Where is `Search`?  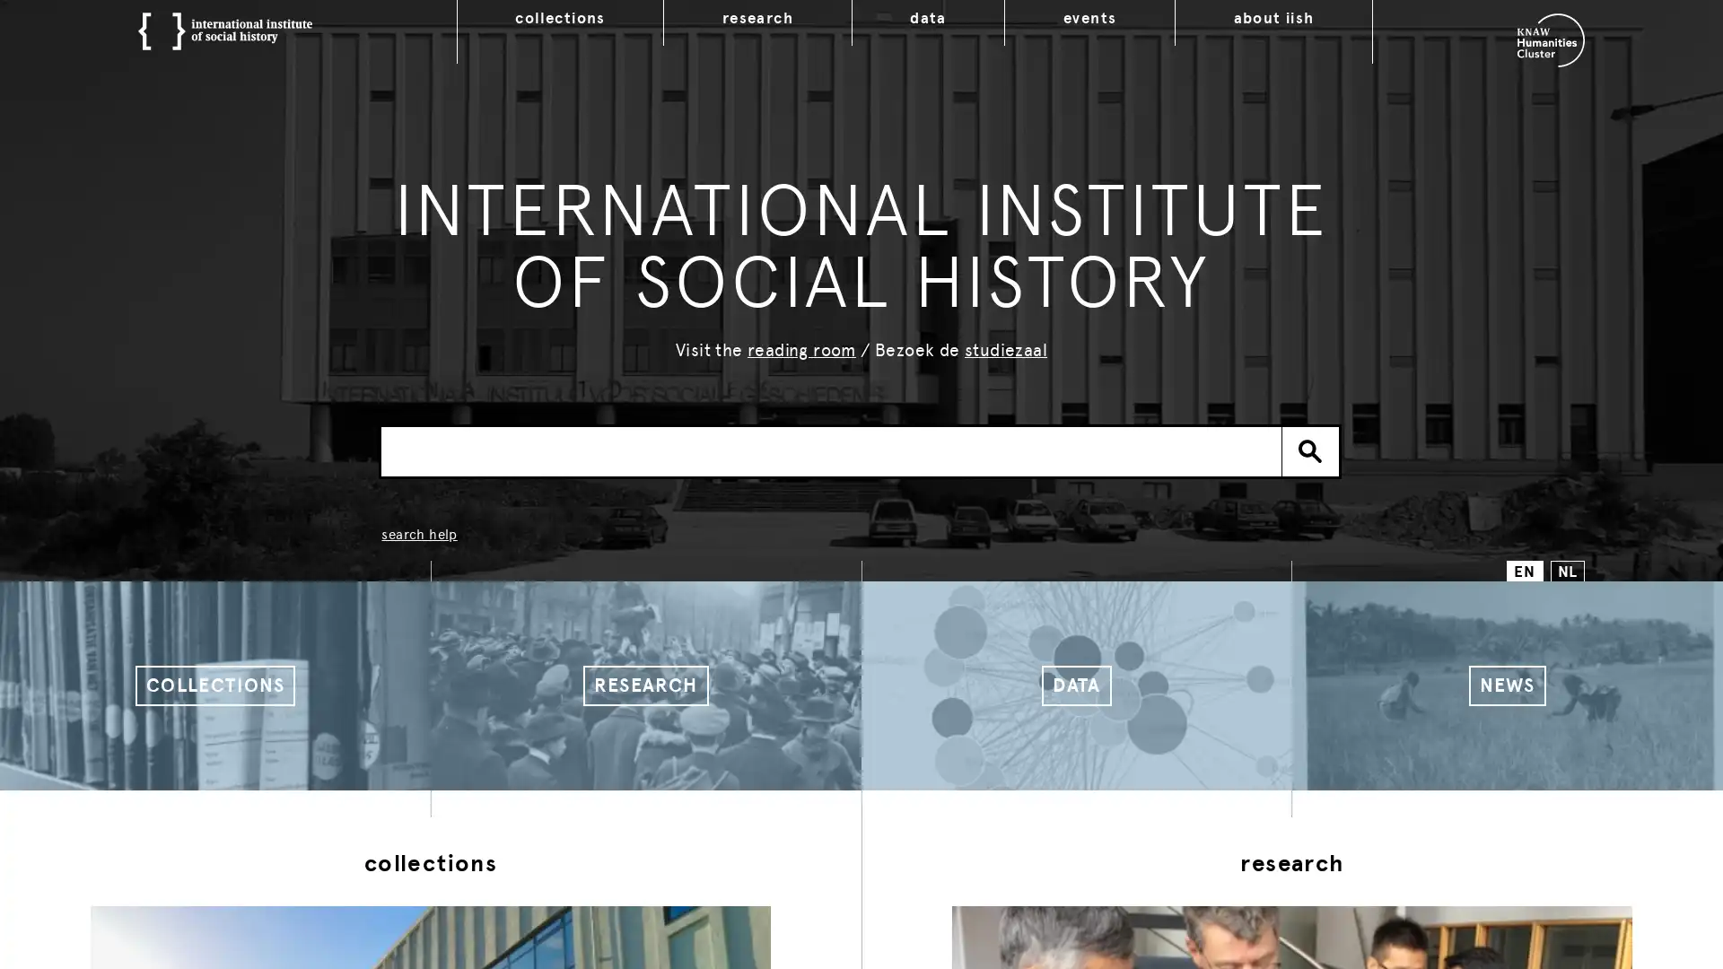 Search is located at coordinates (1310, 450).